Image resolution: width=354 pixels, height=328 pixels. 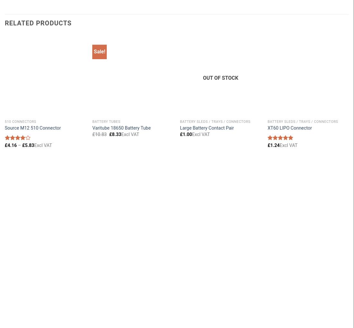 What do you see at coordinates (43, 305) in the screenshot?
I see `'Privacy Policy'` at bounding box center [43, 305].